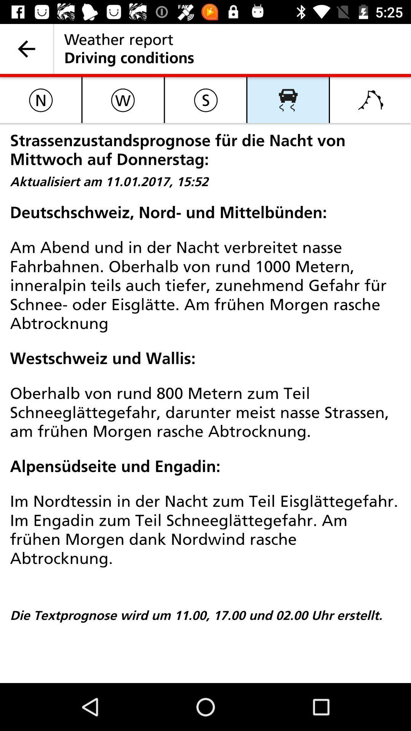 The width and height of the screenshot is (411, 731). What do you see at coordinates (370, 99) in the screenshot?
I see `the font icon` at bounding box center [370, 99].